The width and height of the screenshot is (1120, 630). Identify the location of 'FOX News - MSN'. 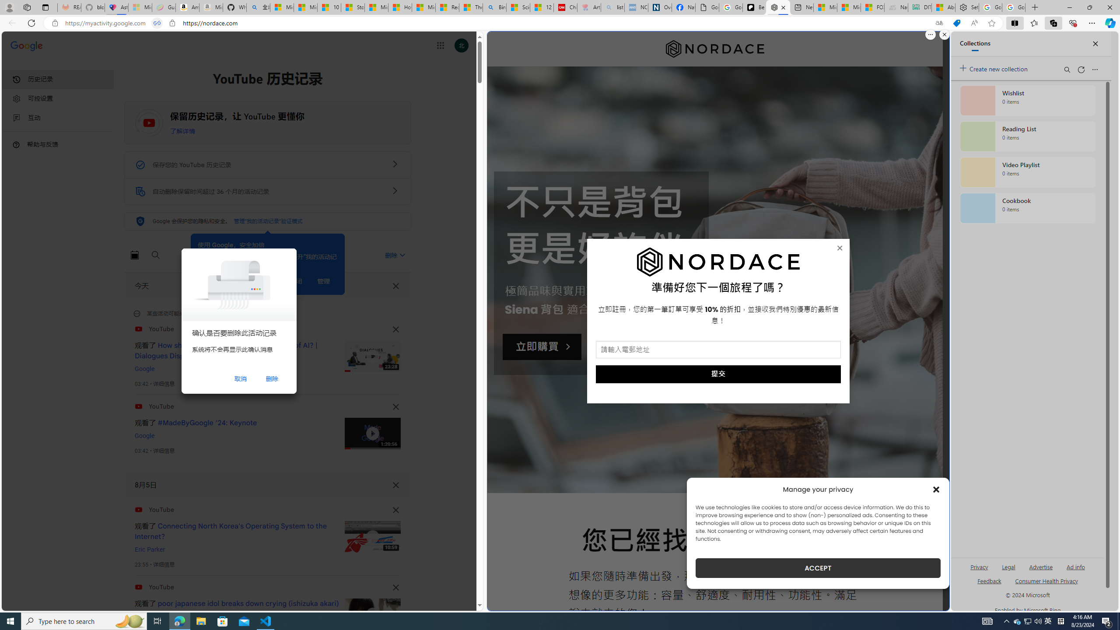
(872, 7).